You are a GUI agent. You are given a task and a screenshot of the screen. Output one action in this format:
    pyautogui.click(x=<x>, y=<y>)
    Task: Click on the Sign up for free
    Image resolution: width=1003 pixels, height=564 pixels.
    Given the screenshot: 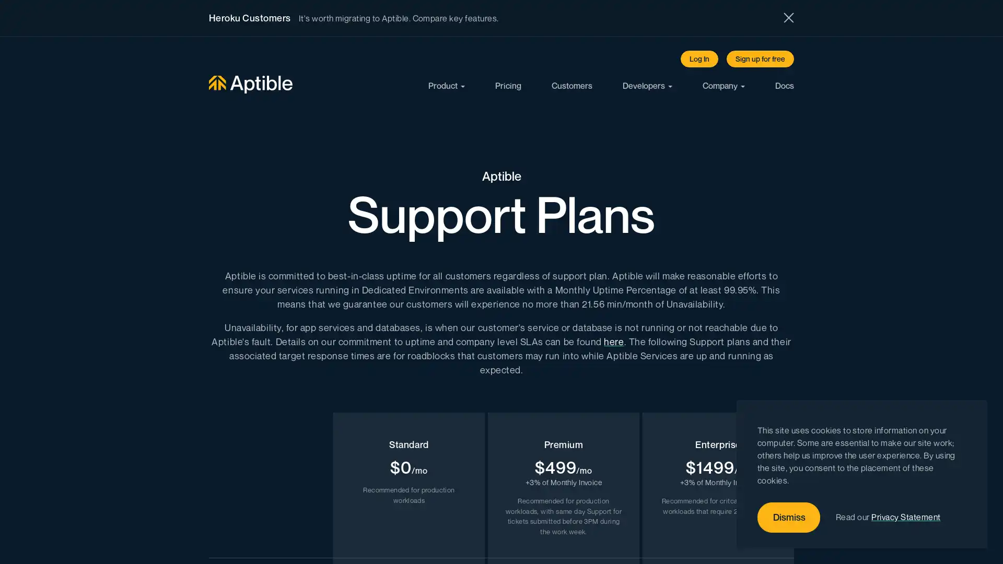 What is the action you would take?
    pyautogui.click(x=760, y=58)
    